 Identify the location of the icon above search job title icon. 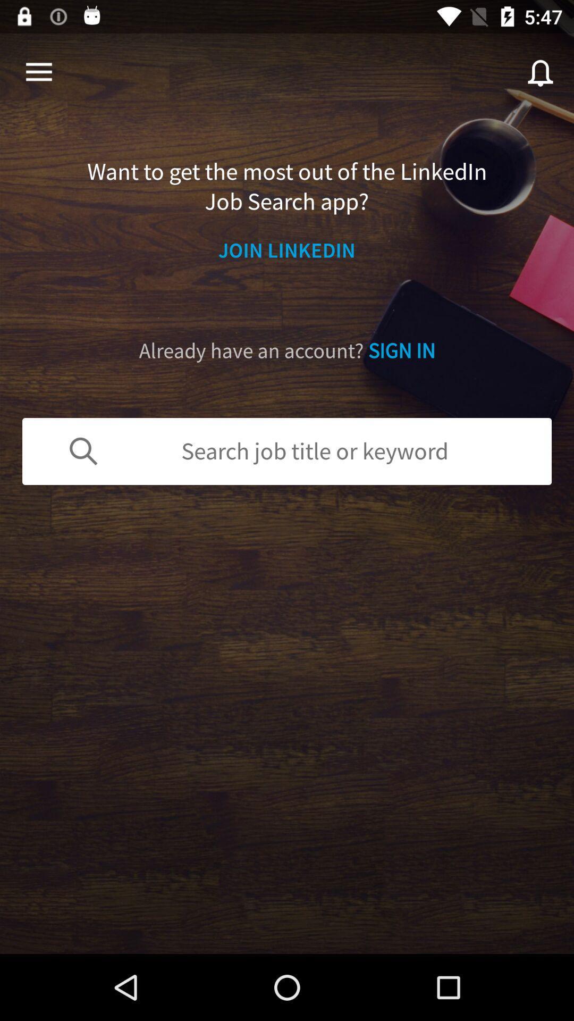
(287, 351).